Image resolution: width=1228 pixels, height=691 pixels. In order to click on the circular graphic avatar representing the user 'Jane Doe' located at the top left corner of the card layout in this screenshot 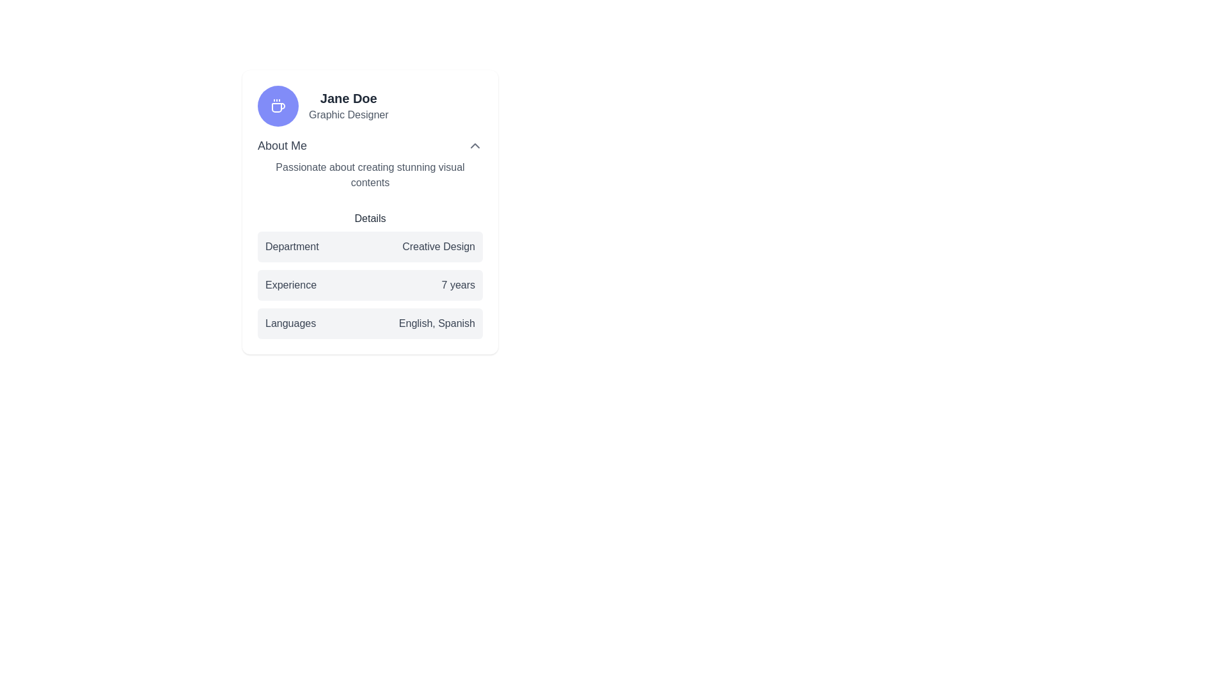, I will do `click(278, 105)`.